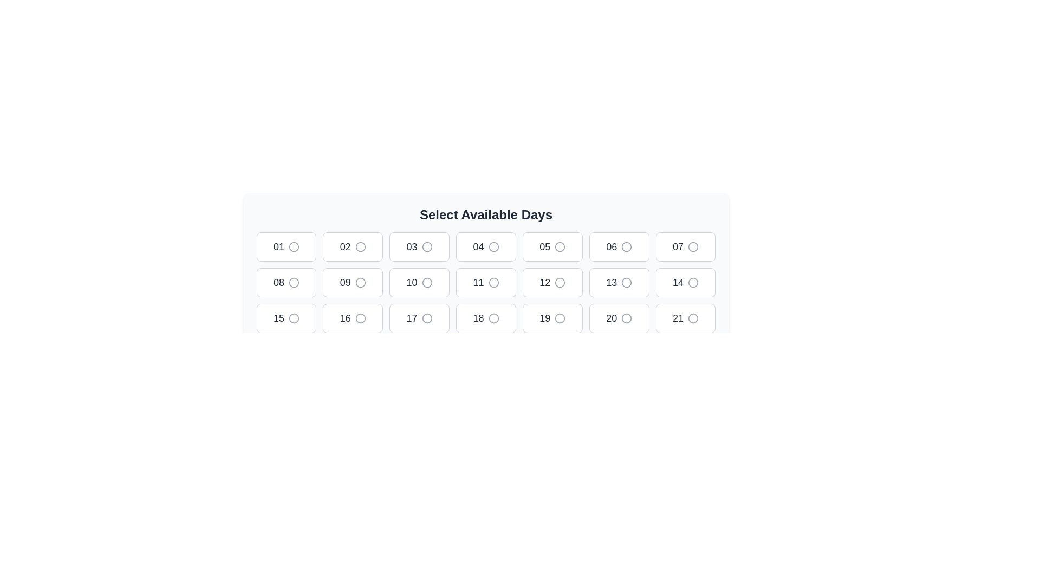 The height and width of the screenshot is (585, 1040). I want to click on the circular icon located to the right of the button labeled '01', so click(294, 246).